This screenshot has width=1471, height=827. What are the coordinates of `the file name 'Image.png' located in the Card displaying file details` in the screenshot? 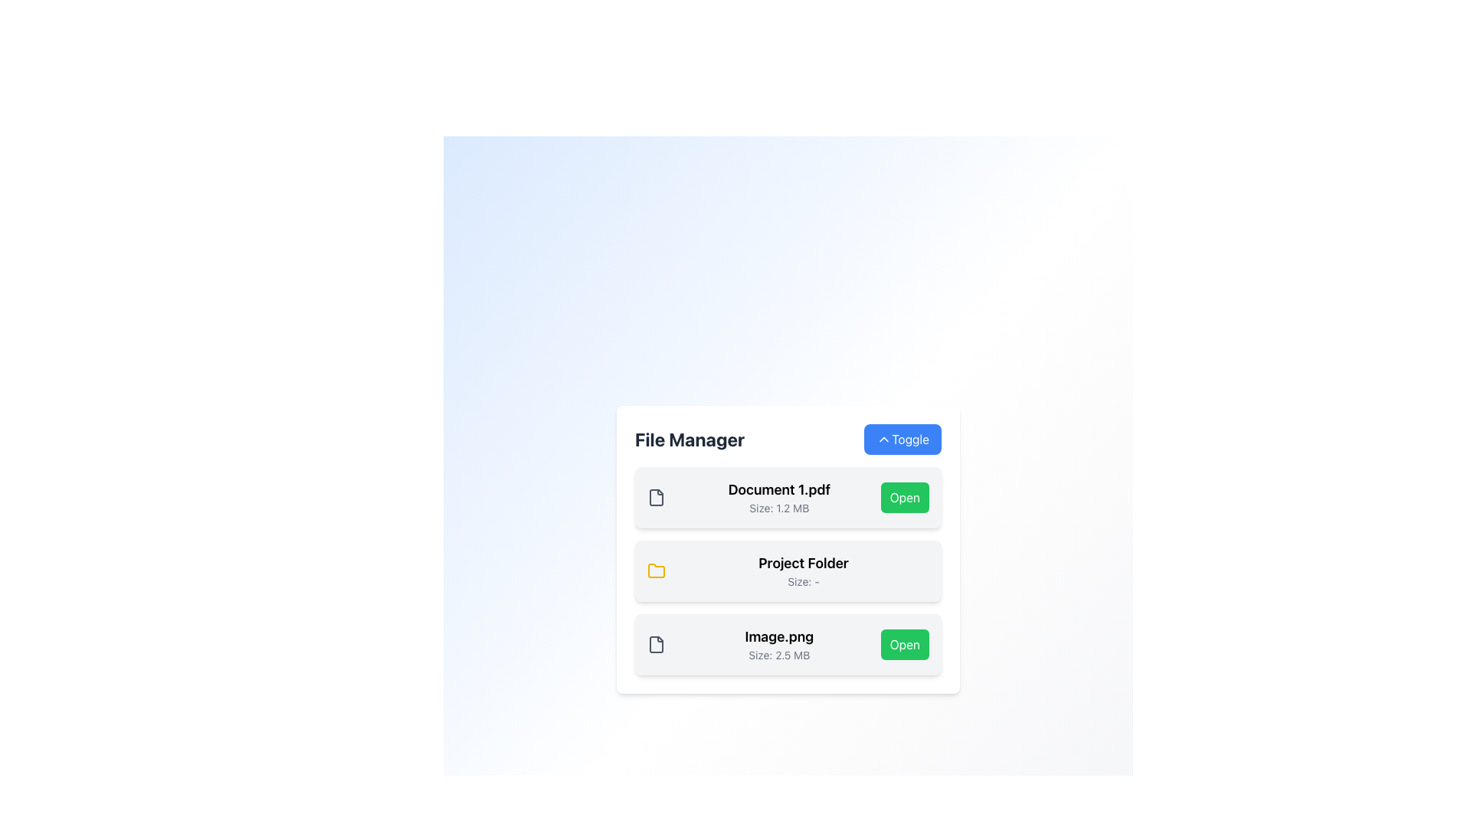 It's located at (788, 644).